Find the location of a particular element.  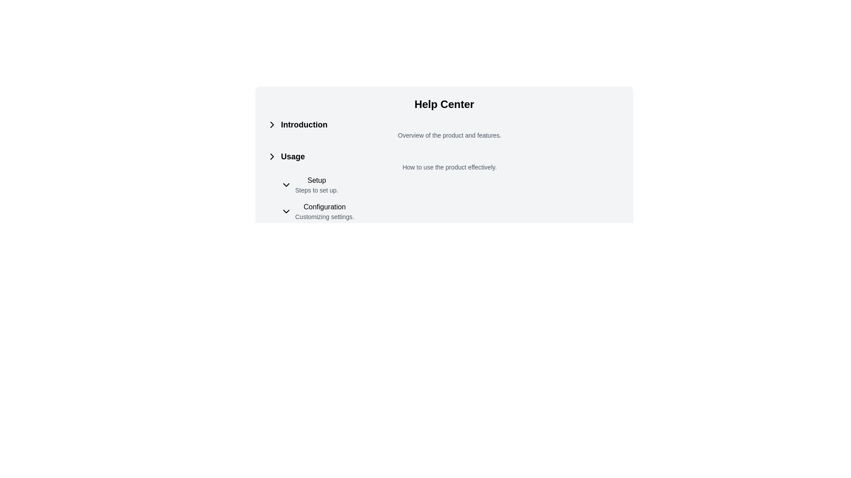

the 'Usage' Text Label, which is the second entry is located at coordinates (293, 156).